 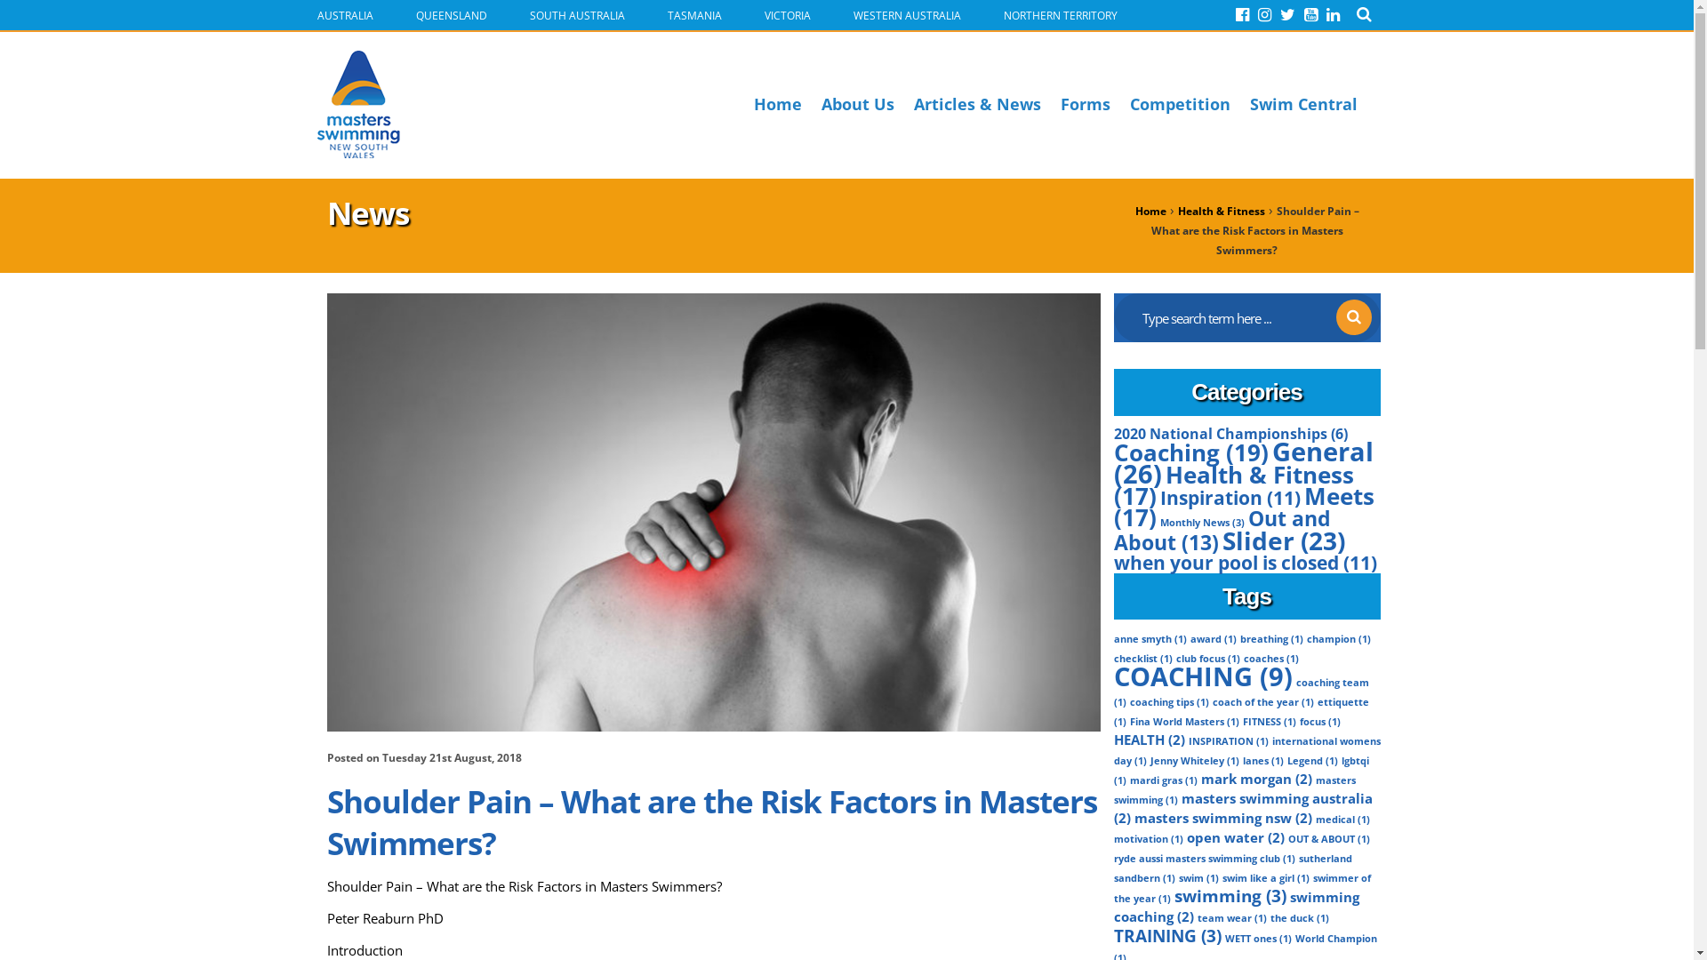 What do you see at coordinates (1220, 876) in the screenshot?
I see `'swim like a girl (1)'` at bounding box center [1220, 876].